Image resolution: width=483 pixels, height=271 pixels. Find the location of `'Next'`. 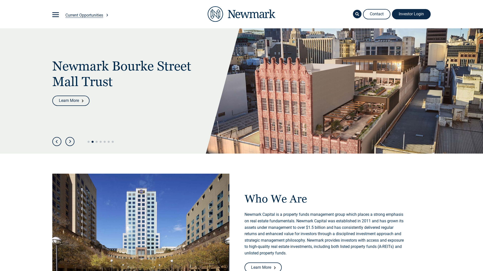

'Next' is located at coordinates (70, 141).